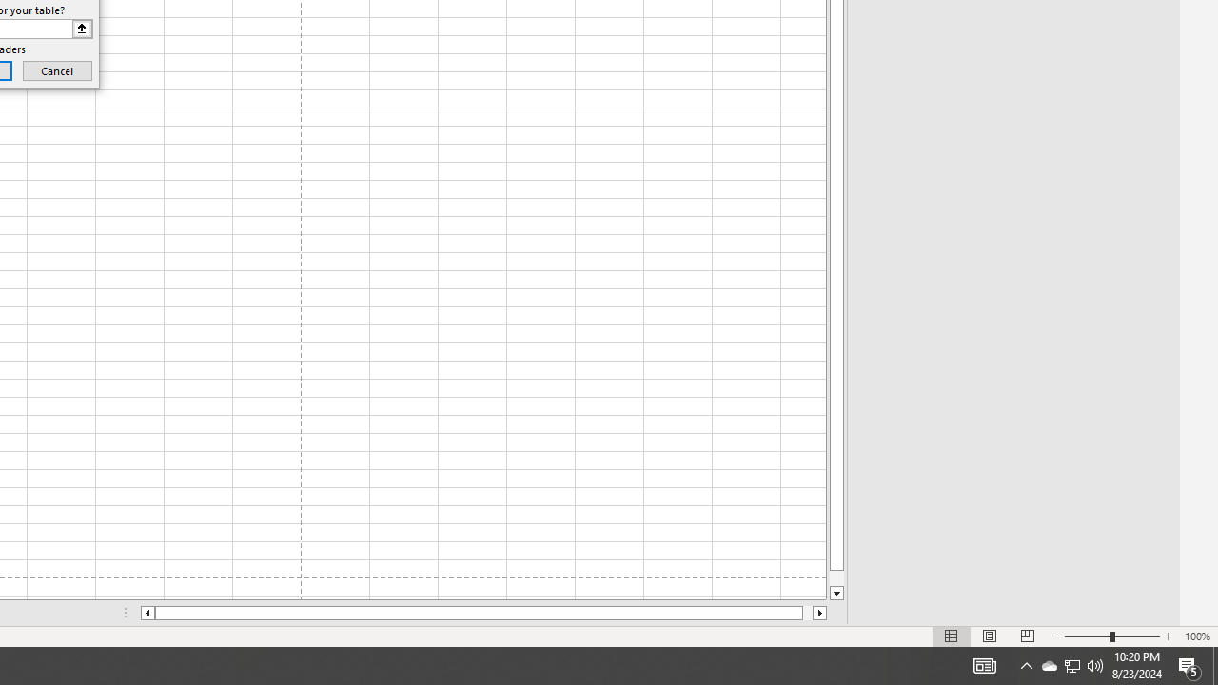 The height and width of the screenshot is (685, 1218). Describe the element at coordinates (1167, 636) in the screenshot. I see `'Zoom In'` at that location.